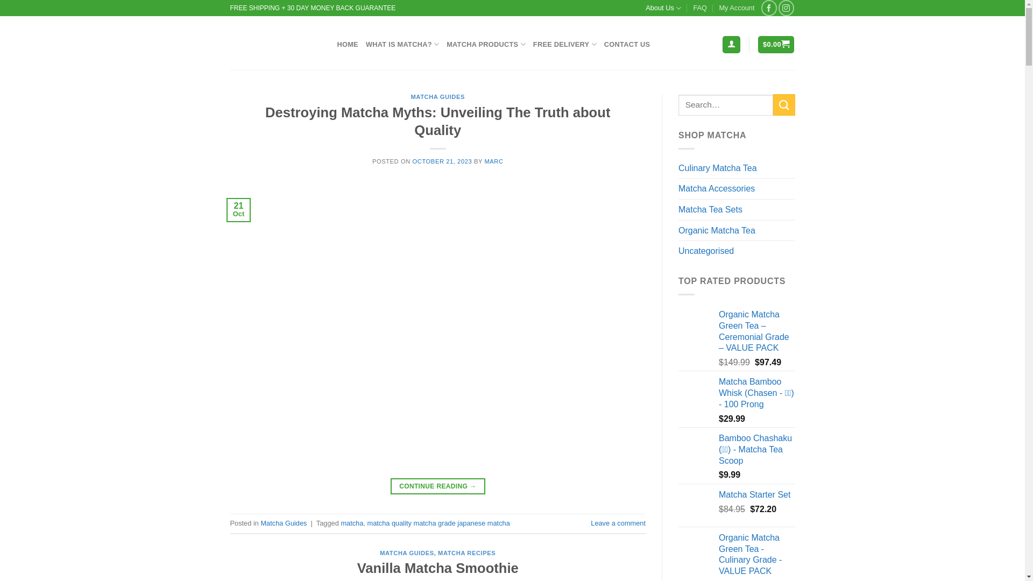  I want to click on 'Leave a comment', so click(618, 522).